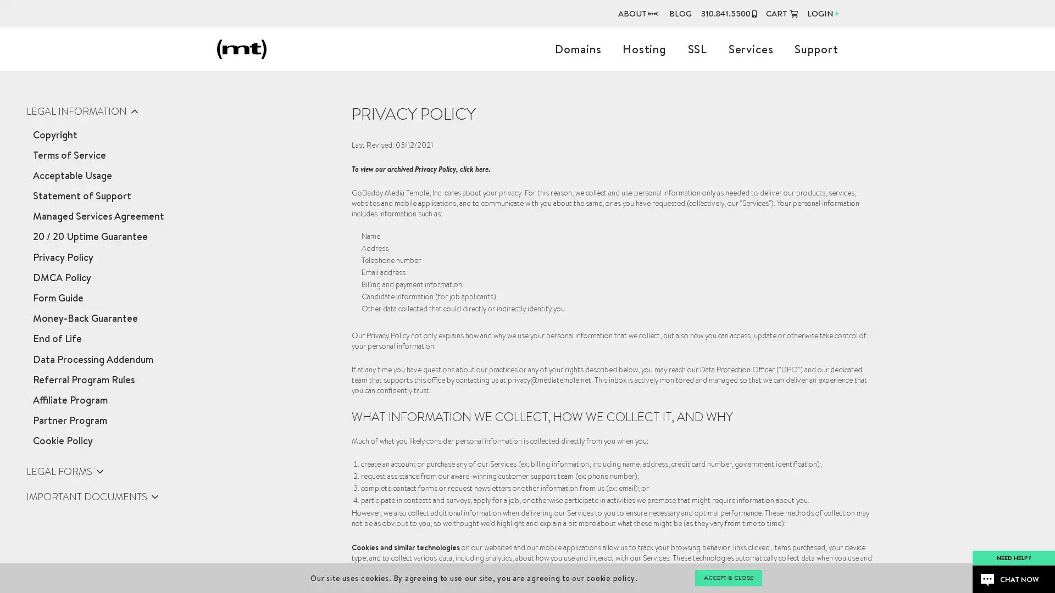 The image size is (1055, 593). Describe the element at coordinates (728, 578) in the screenshot. I see `ACCEPT & CLOSE` at that location.